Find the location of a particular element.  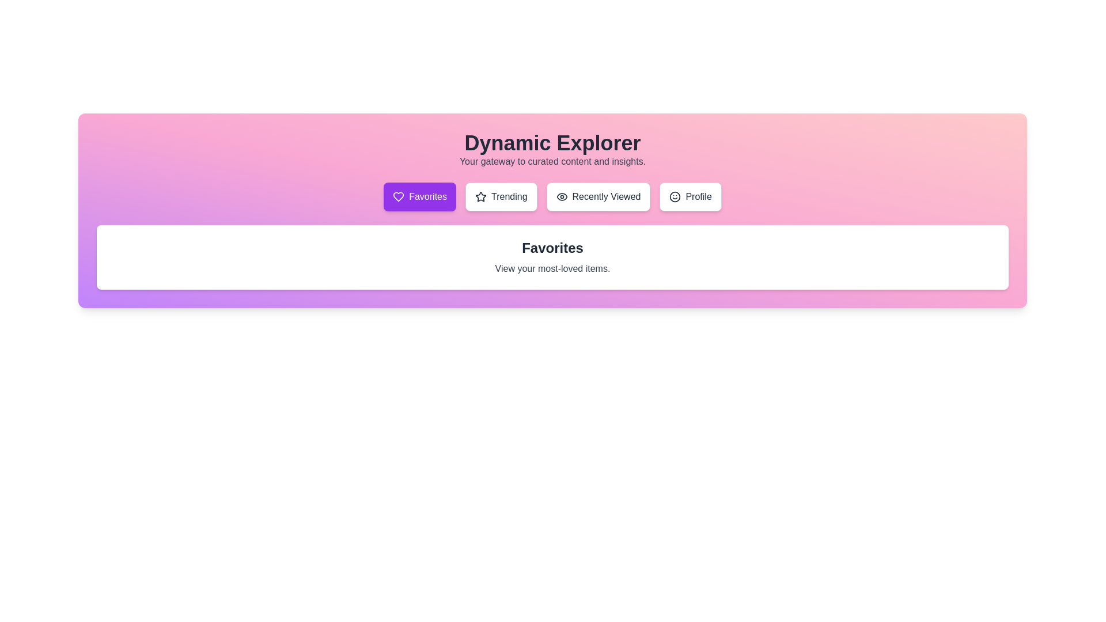

the tab labeled Profile is located at coordinates (691, 196).